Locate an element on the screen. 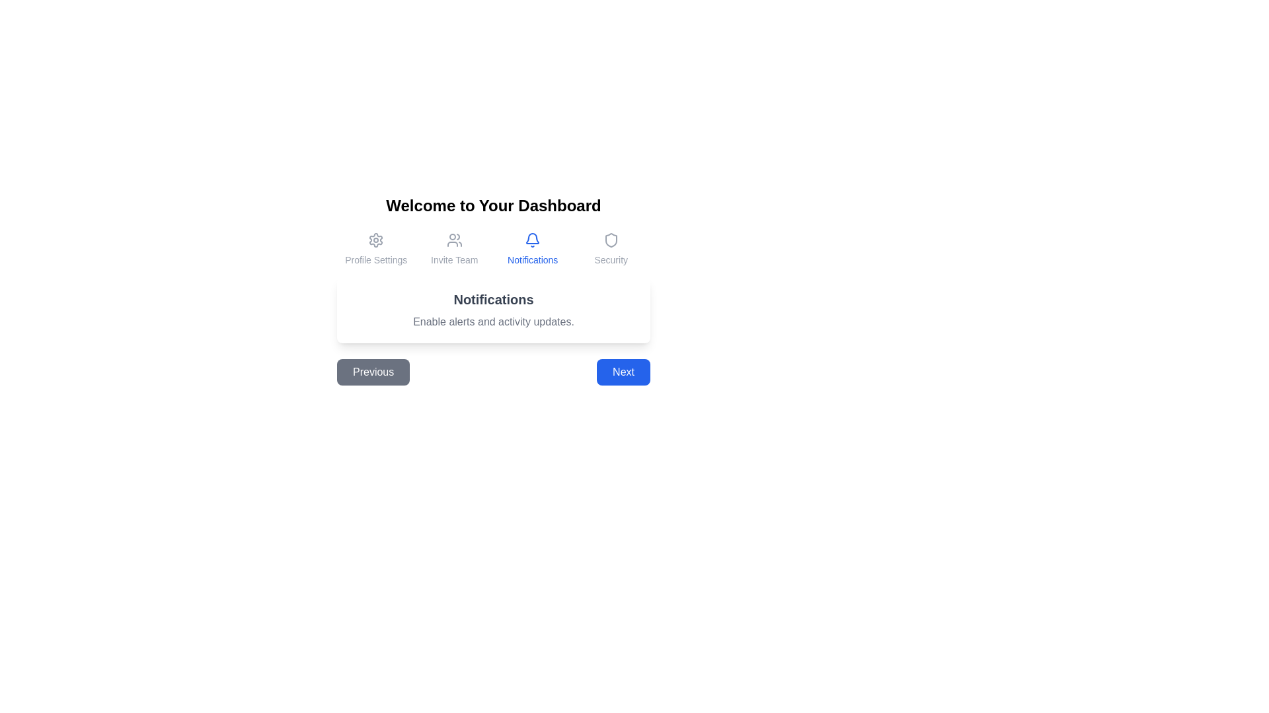 The image size is (1269, 713). the third button in a row of four options, located between 'Invite Team' and 'Security' is located at coordinates (533, 250).